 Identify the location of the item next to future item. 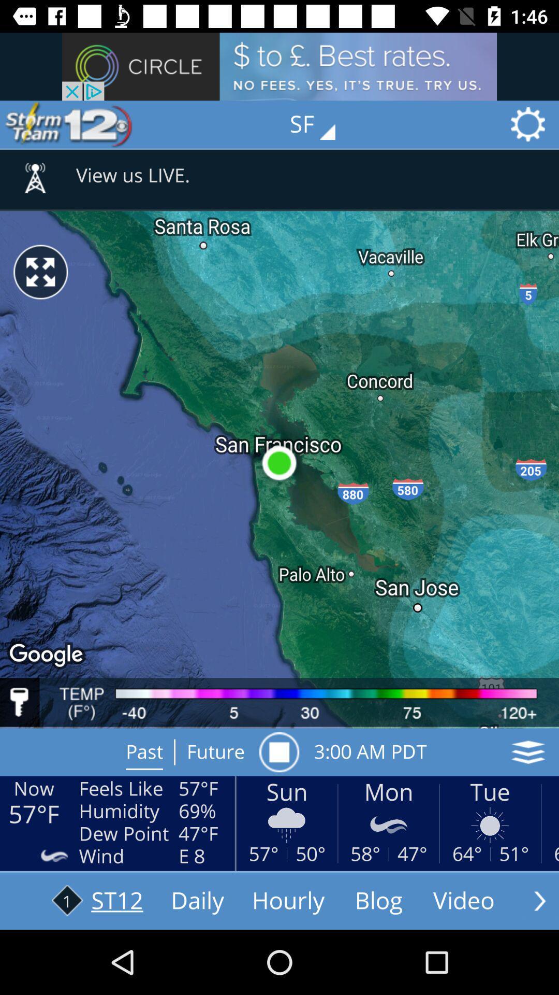
(278, 752).